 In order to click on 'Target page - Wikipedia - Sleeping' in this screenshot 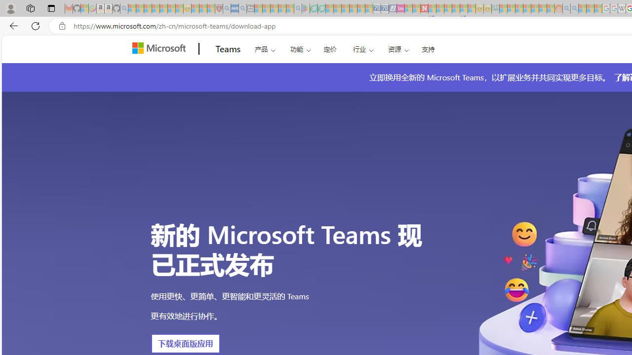, I will do `click(621, 8)`.